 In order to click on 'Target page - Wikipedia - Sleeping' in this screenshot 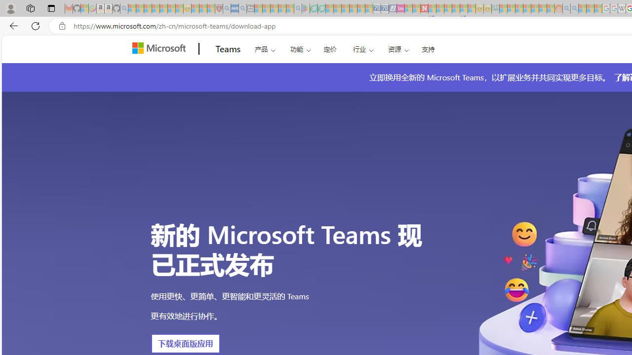, I will do `click(621, 8)`.